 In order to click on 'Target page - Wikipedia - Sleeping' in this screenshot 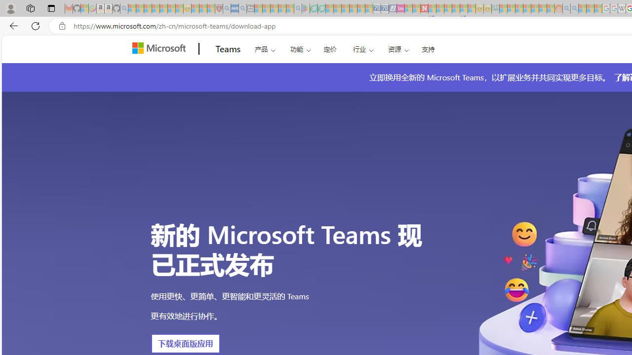, I will do `click(621, 8)`.